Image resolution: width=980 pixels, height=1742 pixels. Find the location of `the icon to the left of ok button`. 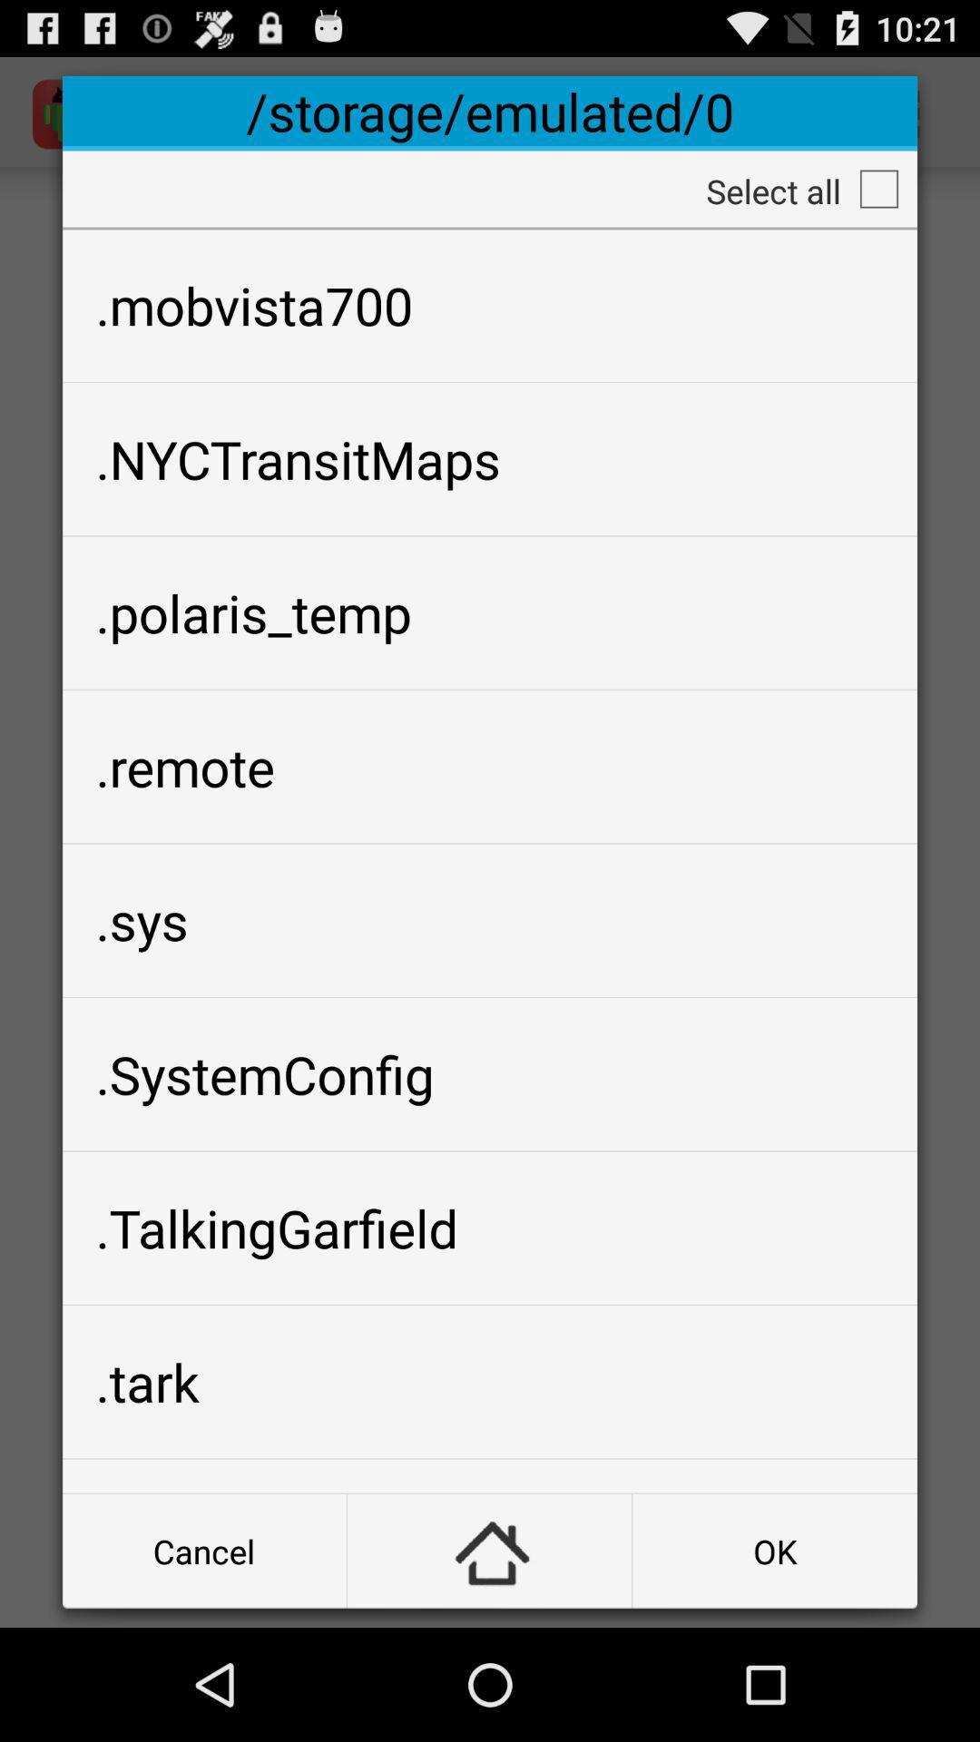

the icon to the left of ok button is located at coordinates (488, 1550).